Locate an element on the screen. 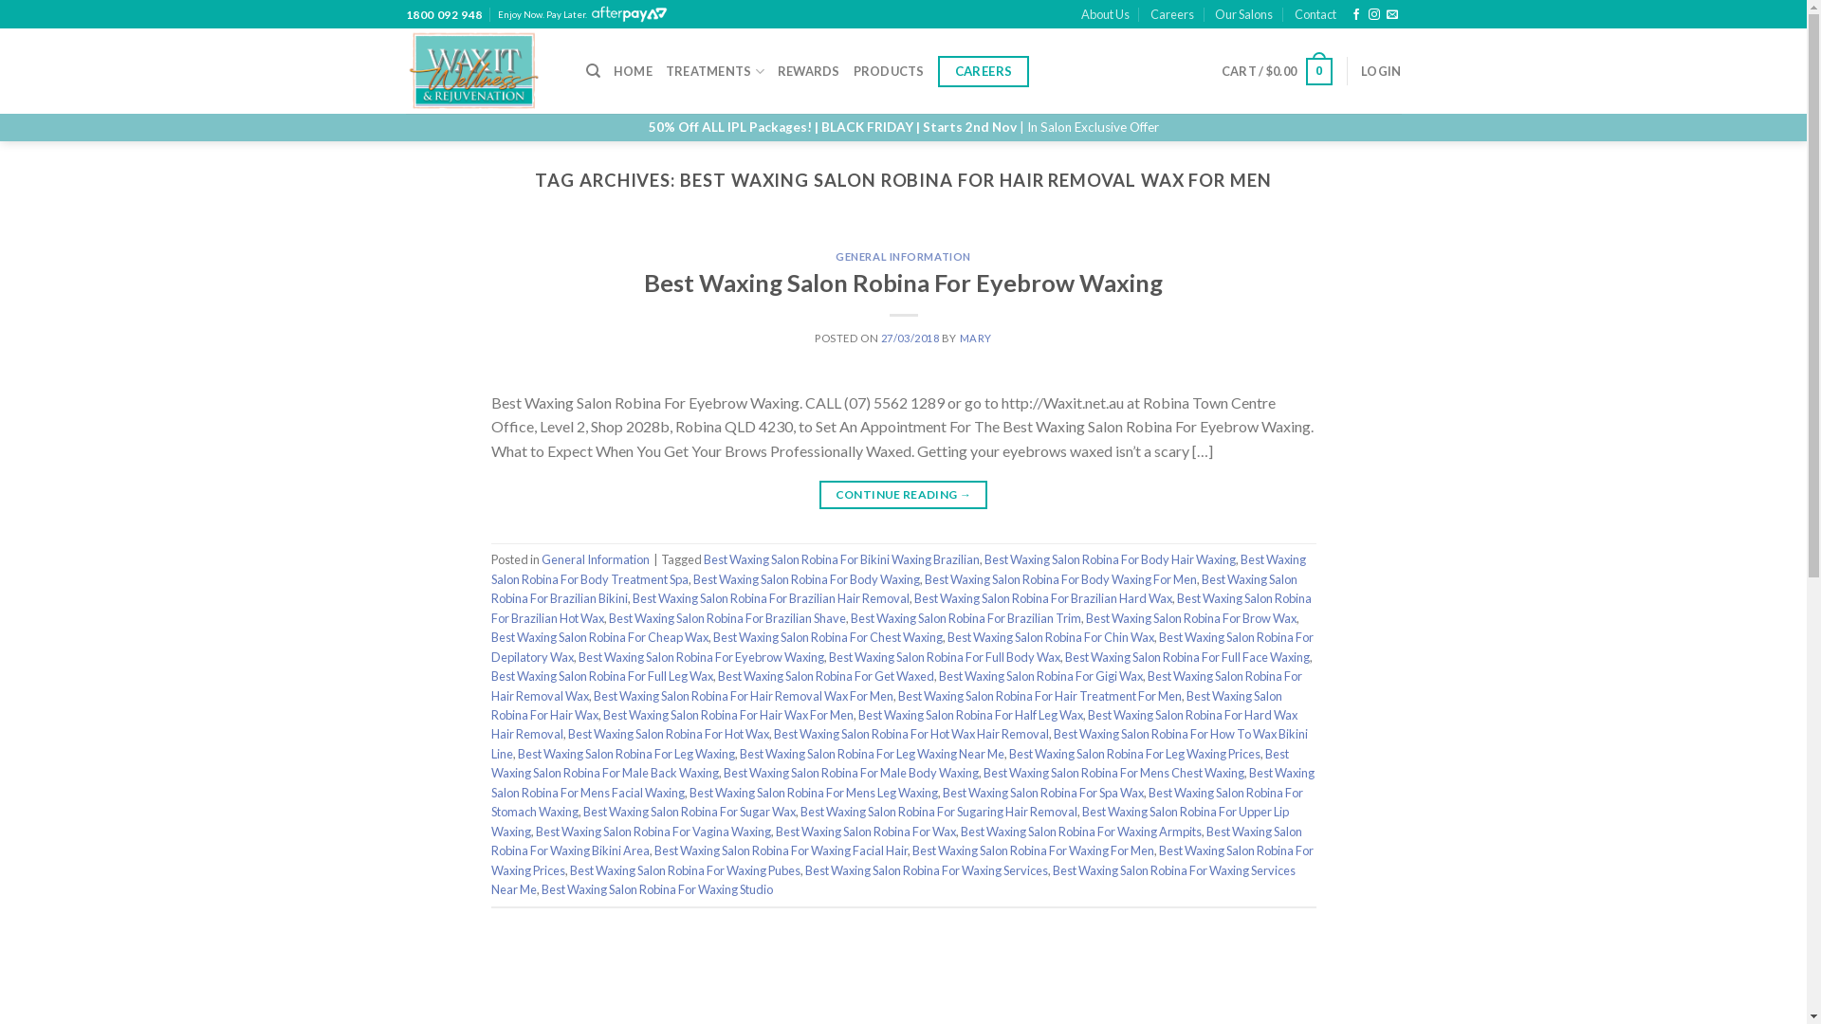 The height and width of the screenshot is (1024, 1821). 'Best Waxing Salon Robina For Cheap Wax' is located at coordinates (598, 636).